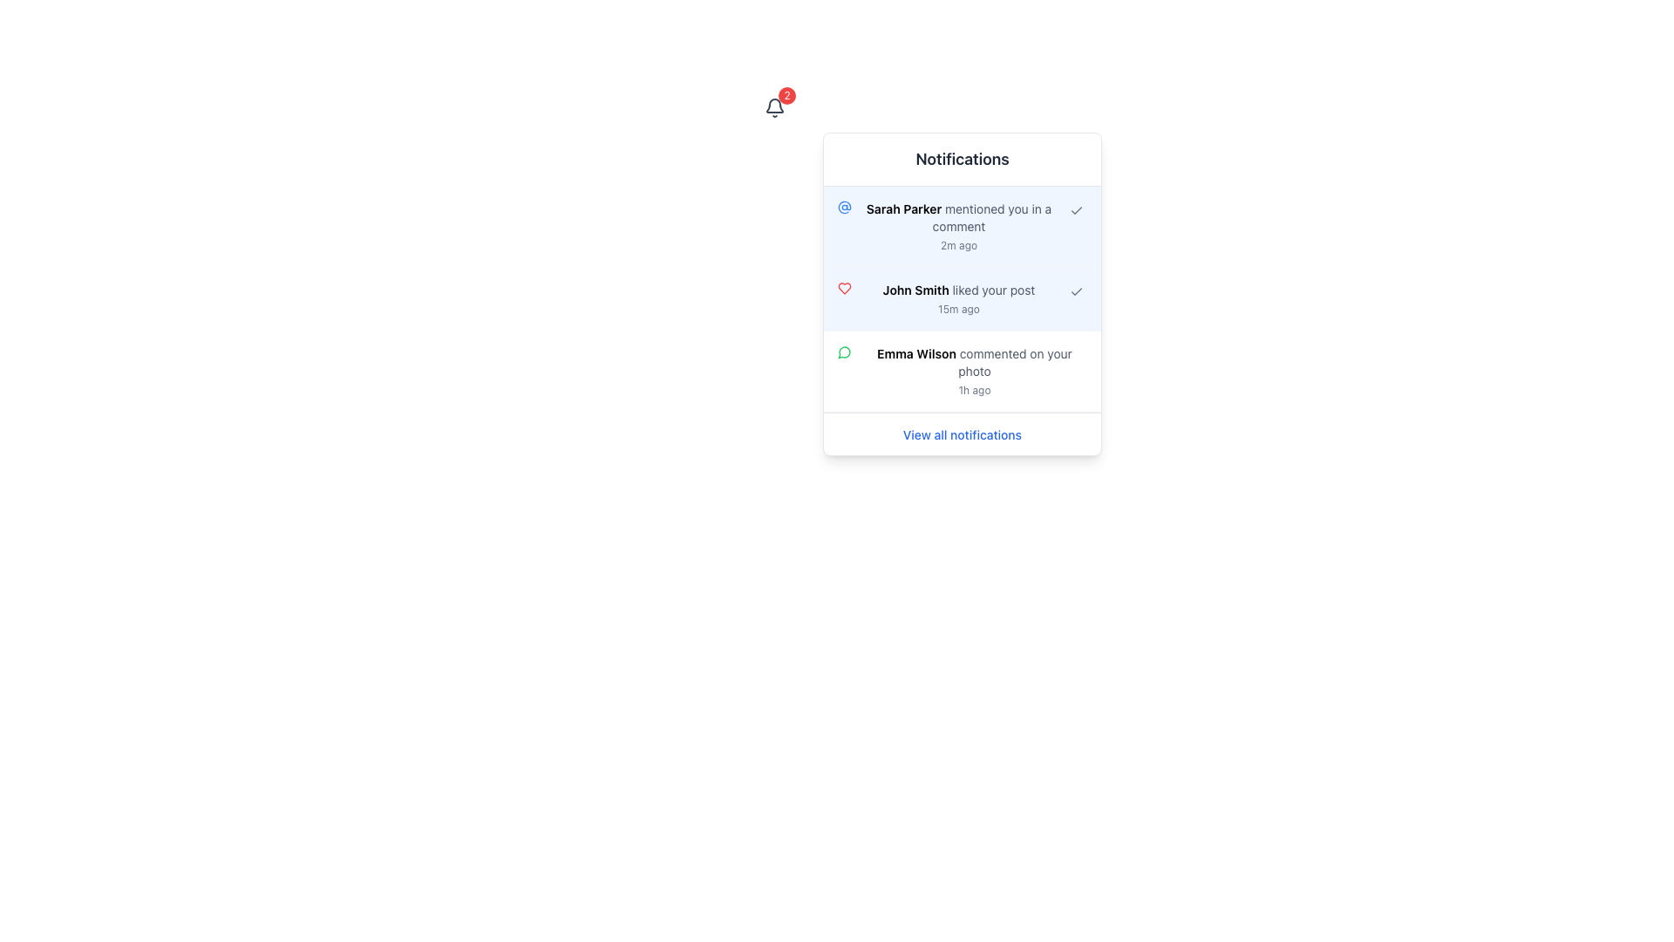  Describe the element at coordinates (915, 353) in the screenshot. I see `the text label 'Emma Wilson' within the third notification item of the 'Notifications' dropdown panel` at that location.